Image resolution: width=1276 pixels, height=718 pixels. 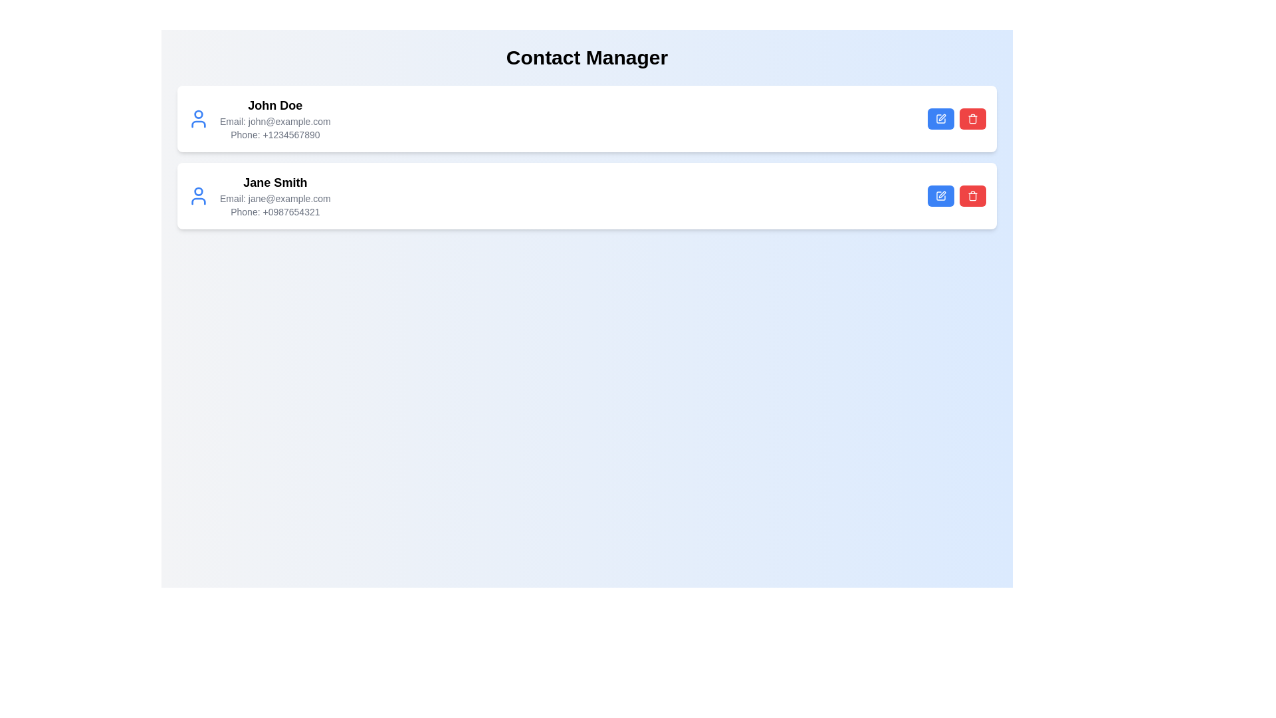 What do you see at coordinates (940, 118) in the screenshot?
I see `the icon button located to the left of the red trash can icon in the first contact card to initiate editing` at bounding box center [940, 118].